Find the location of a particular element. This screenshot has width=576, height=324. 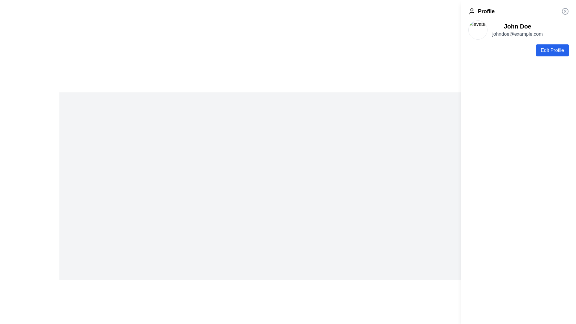

the circular close button with an 'X' icon located in the top-right corner of the profile section is located at coordinates (565, 11).